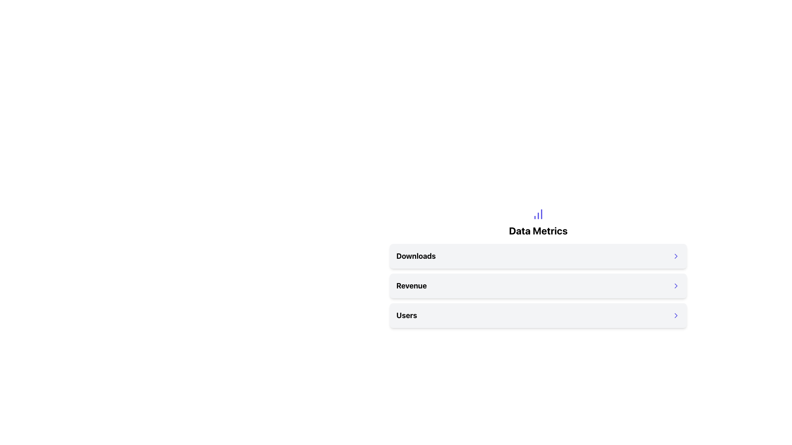 The height and width of the screenshot is (445, 792). I want to click on the Interactive List Item labeled 'Users' which is the third item in the 'Data Metrics' section, so click(538, 315).